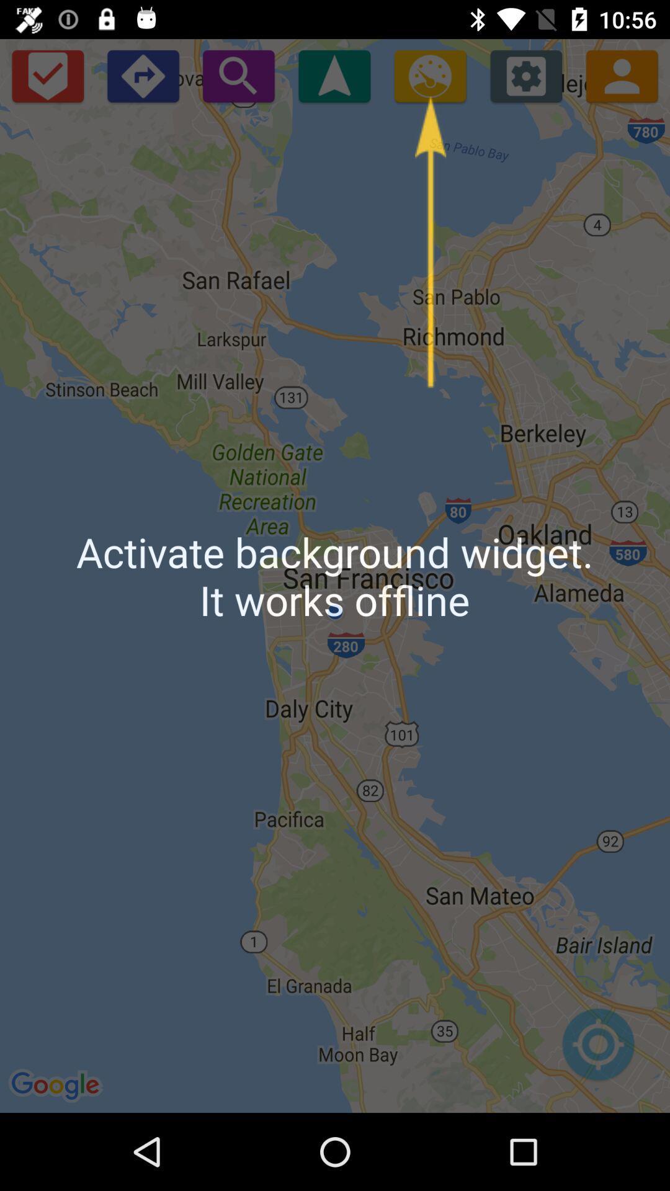  What do you see at coordinates (526, 75) in the screenshot?
I see `the settings icon` at bounding box center [526, 75].